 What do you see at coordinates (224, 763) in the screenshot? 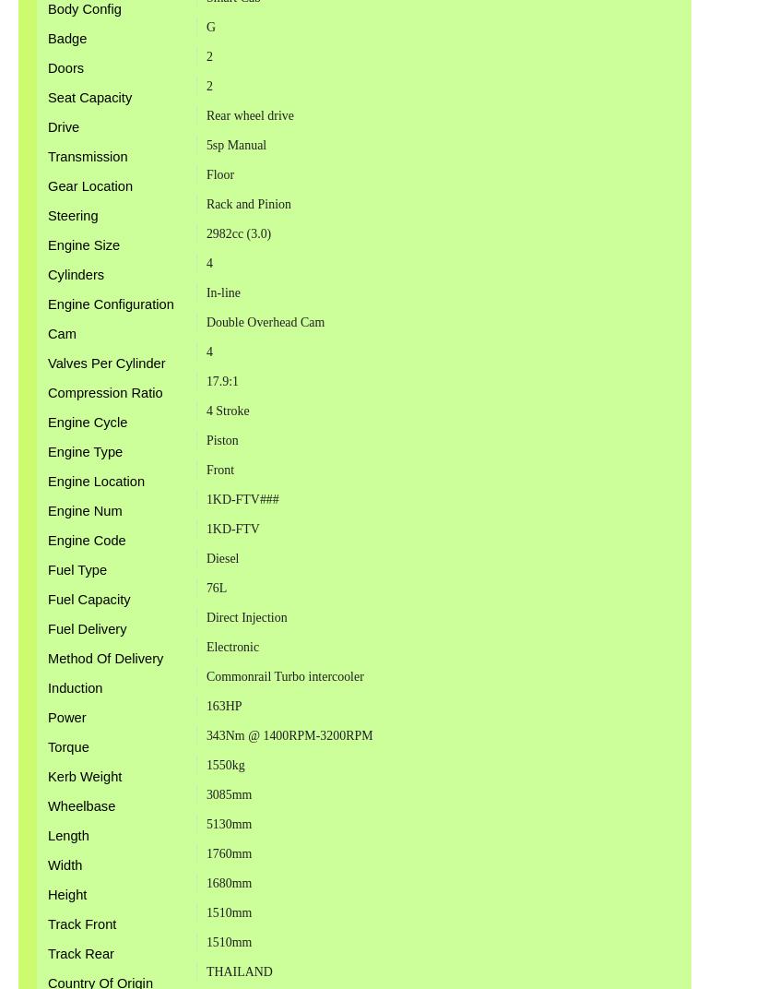
I see `'1550kg'` at bounding box center [224, 763].